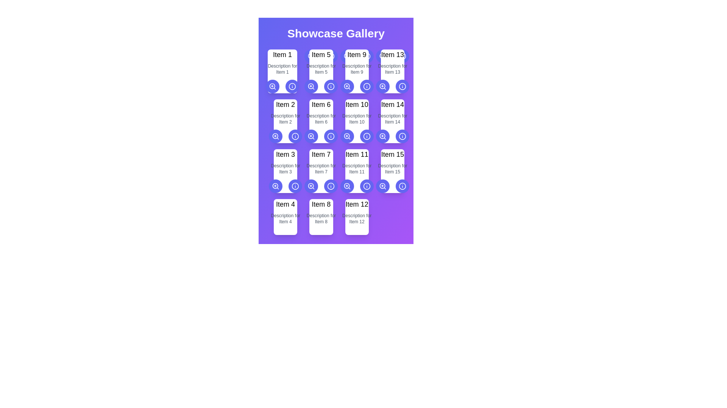  What do you see at coordinates (331, 186) in the screenshot?
I see `the circular button with a vibrant indigo background and a white icon at its center, located below the 'Item 7' card` at bounding box center [331, 186].